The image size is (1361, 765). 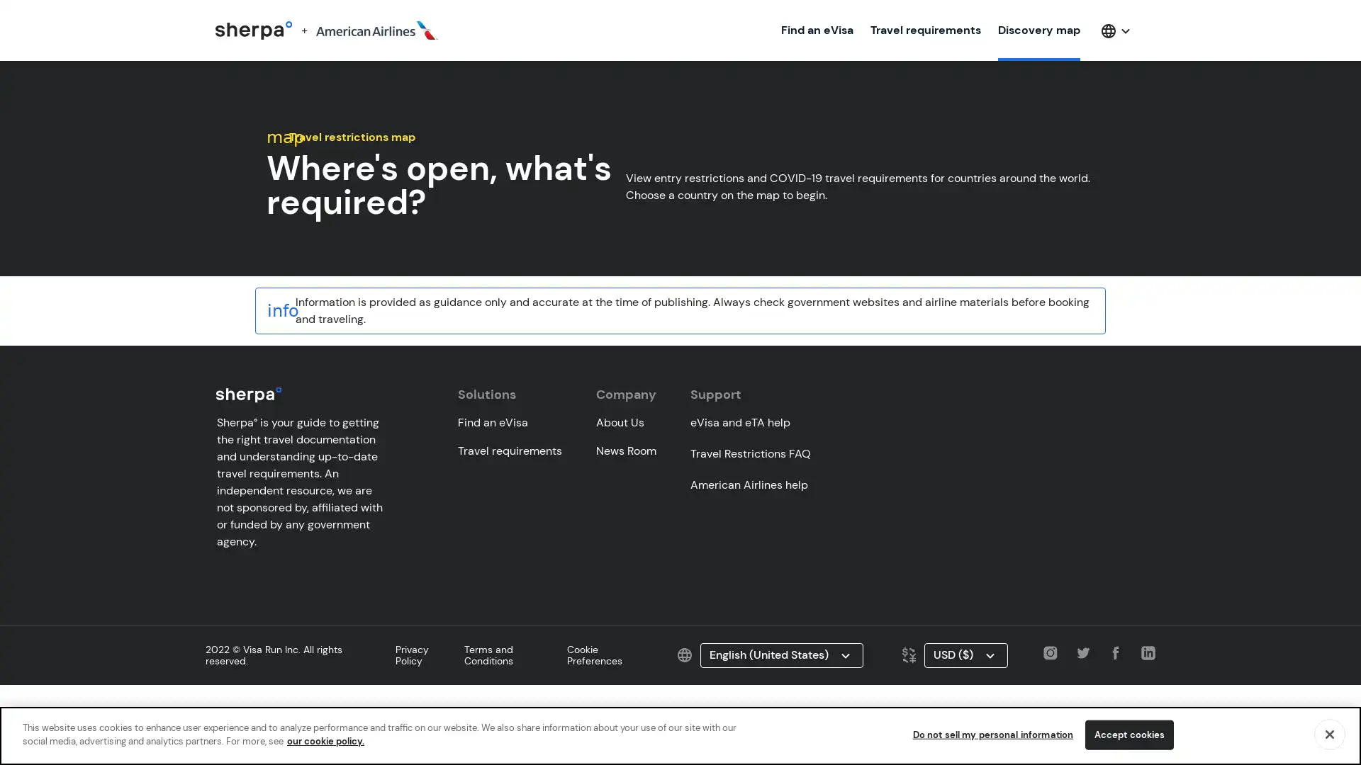 What do you see at coordinates (1329, 733) in the screenshot?
I see `Close` at bounding box center [1329, 733].